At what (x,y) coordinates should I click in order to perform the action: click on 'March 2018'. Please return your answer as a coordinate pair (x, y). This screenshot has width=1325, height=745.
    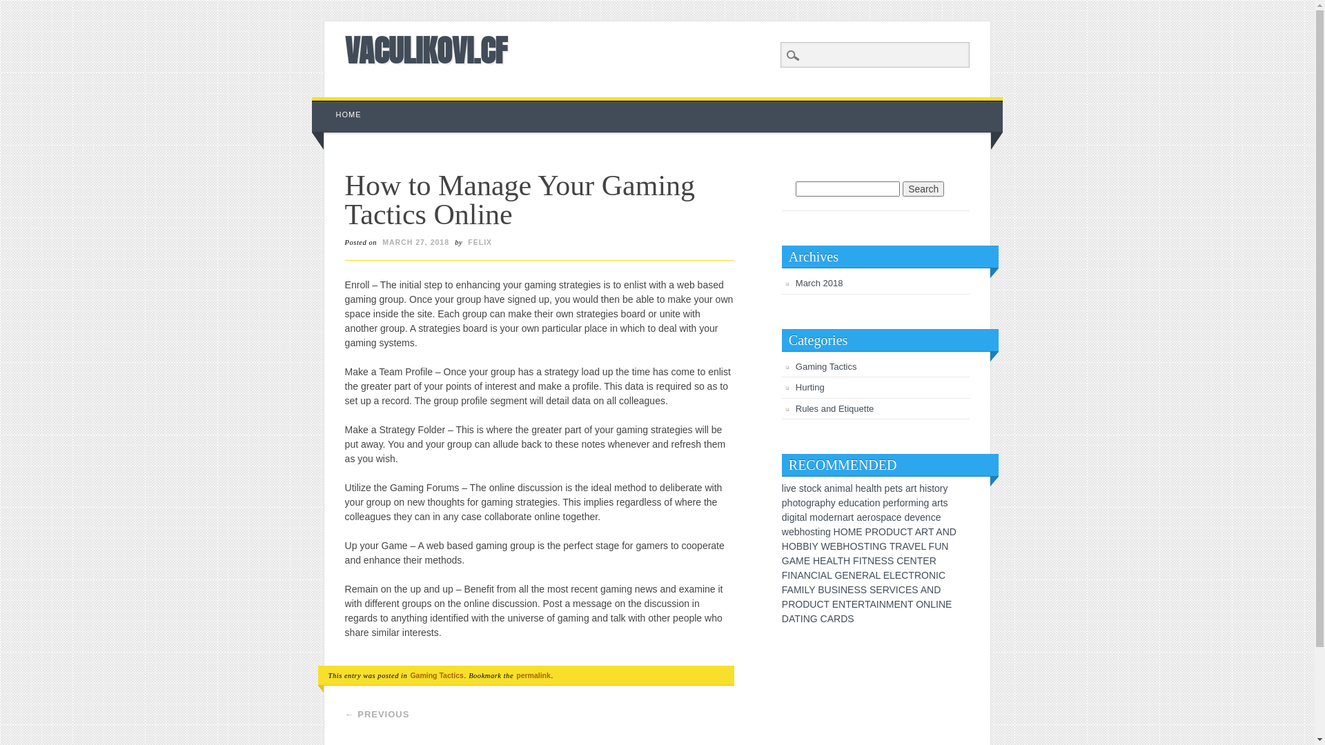
    Looking at the image, I should click on (819, 282).